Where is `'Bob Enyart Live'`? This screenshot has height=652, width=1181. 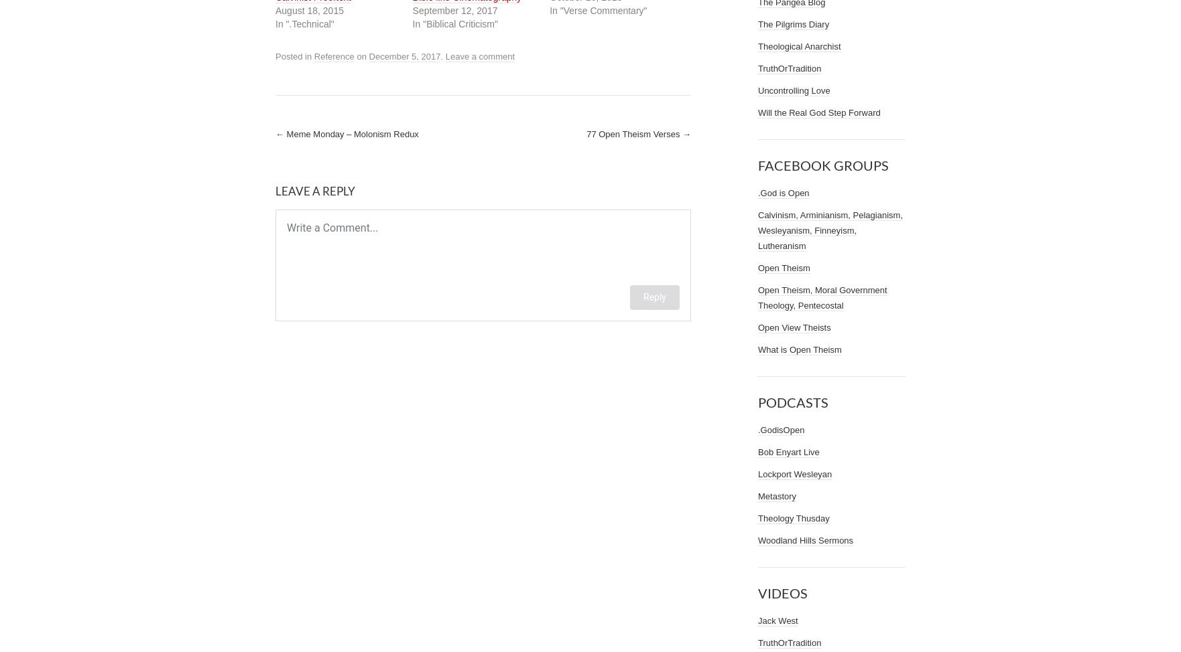
'Bob Enyart Live' is located at coordinates (788, 452).